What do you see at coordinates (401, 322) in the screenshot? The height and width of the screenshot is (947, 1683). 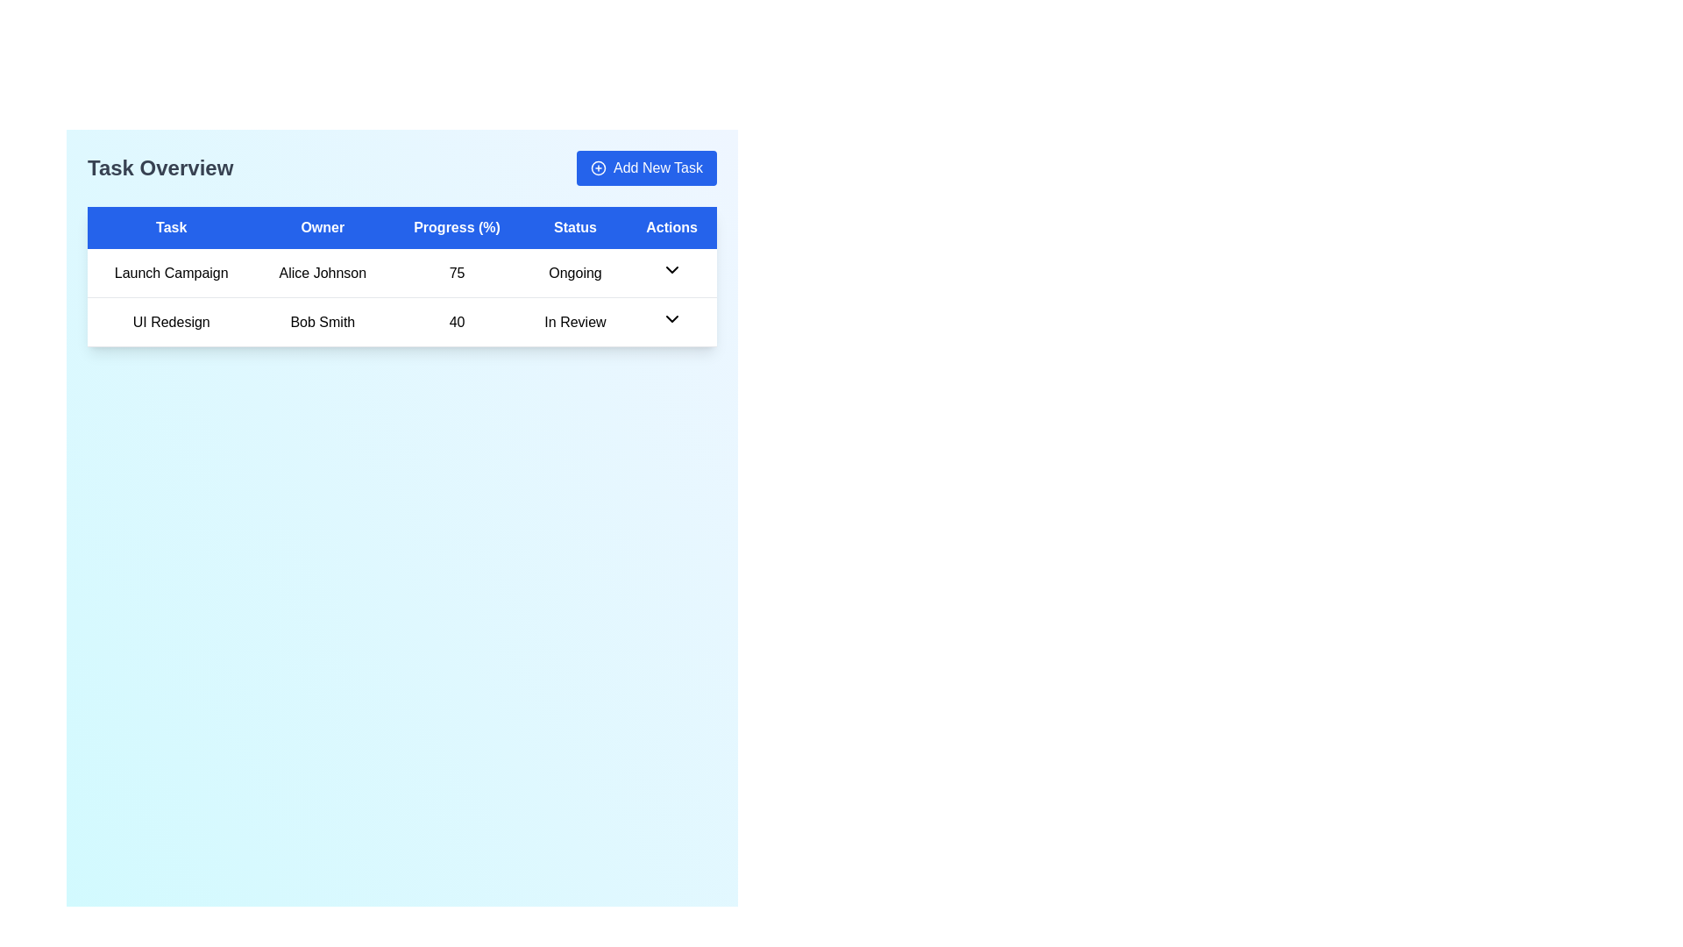 I see `the table row containing task details for 'UI Redesign' assigned to 'Bob Smith'` at bounding box center [401, 322].